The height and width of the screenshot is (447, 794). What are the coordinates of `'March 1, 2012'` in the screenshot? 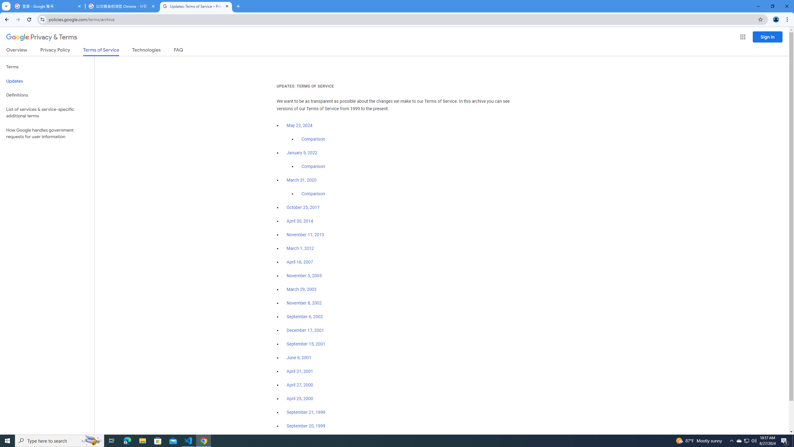 It's located at (300, 248).